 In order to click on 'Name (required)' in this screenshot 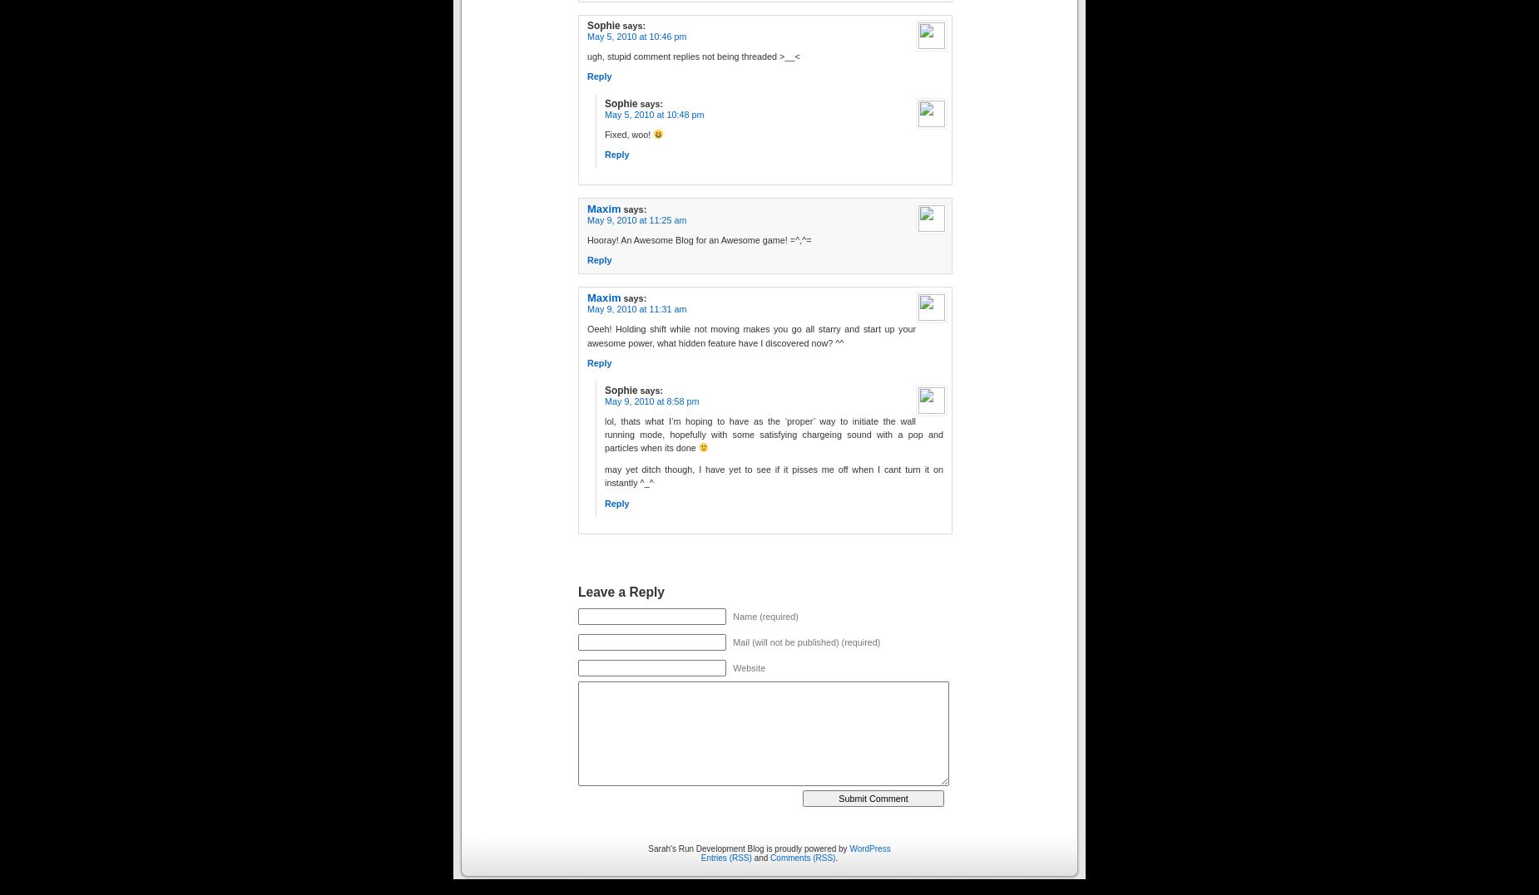, I will do `click(765, 615)`.